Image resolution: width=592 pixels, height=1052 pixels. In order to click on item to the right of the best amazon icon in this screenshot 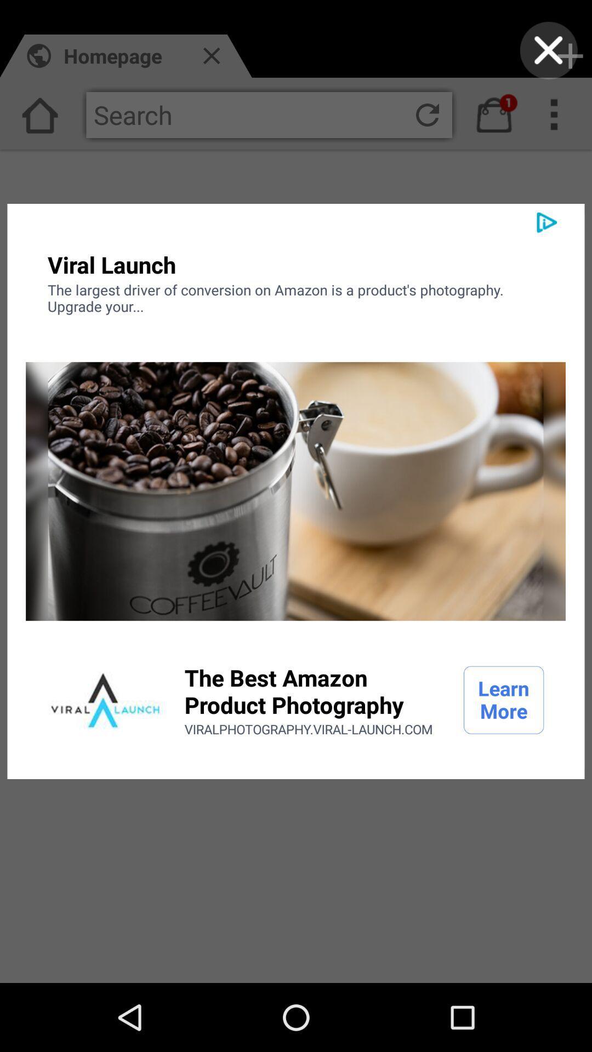, I will do `click(504, 699)`.